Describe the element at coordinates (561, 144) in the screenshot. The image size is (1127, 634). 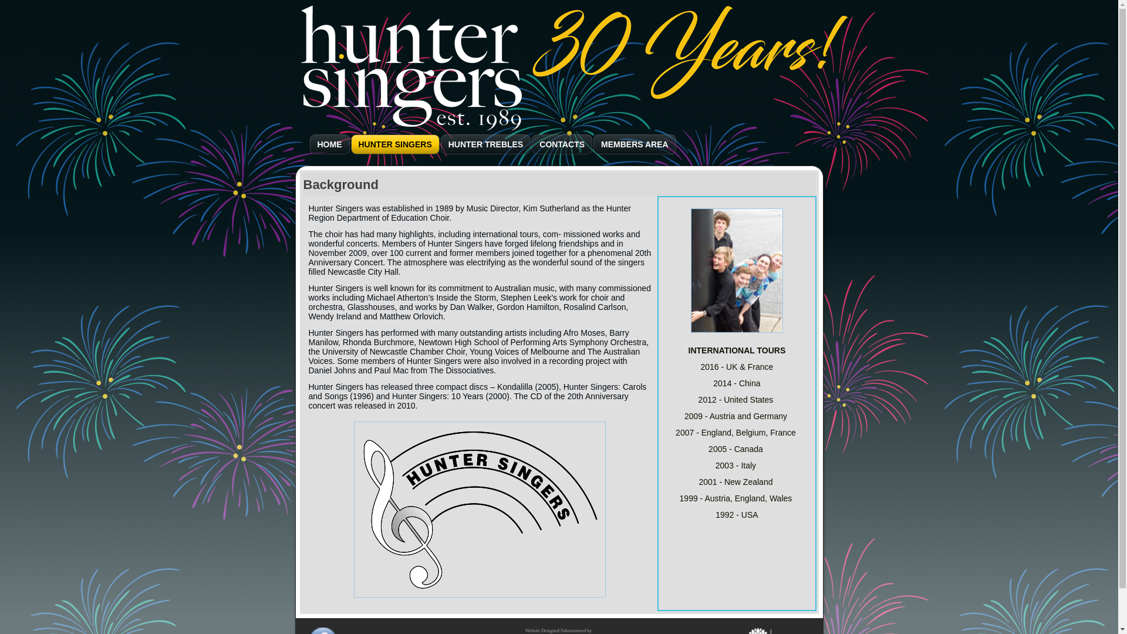
I see `'CONTACTS'` at that location.